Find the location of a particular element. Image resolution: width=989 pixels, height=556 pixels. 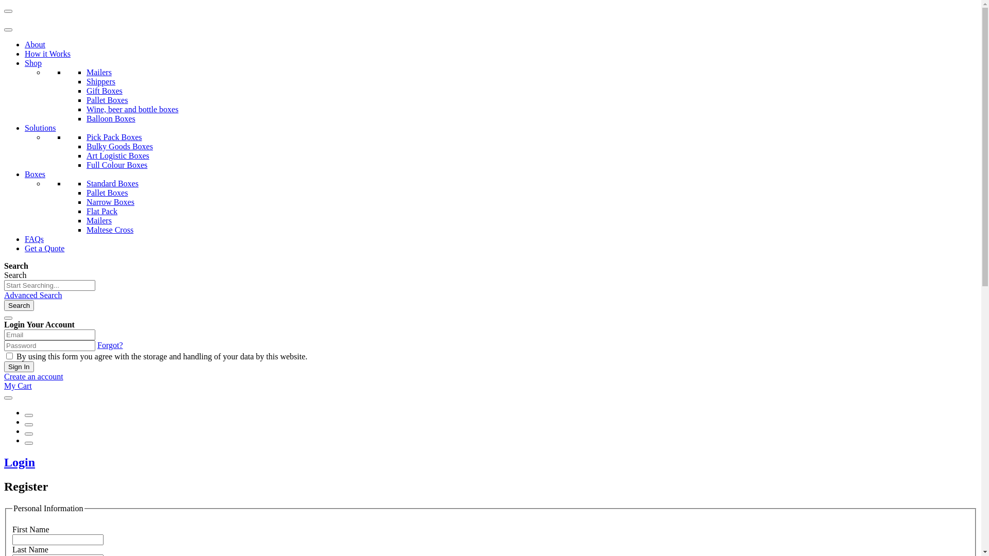

'Shop' is located at coordinates (33, 63).